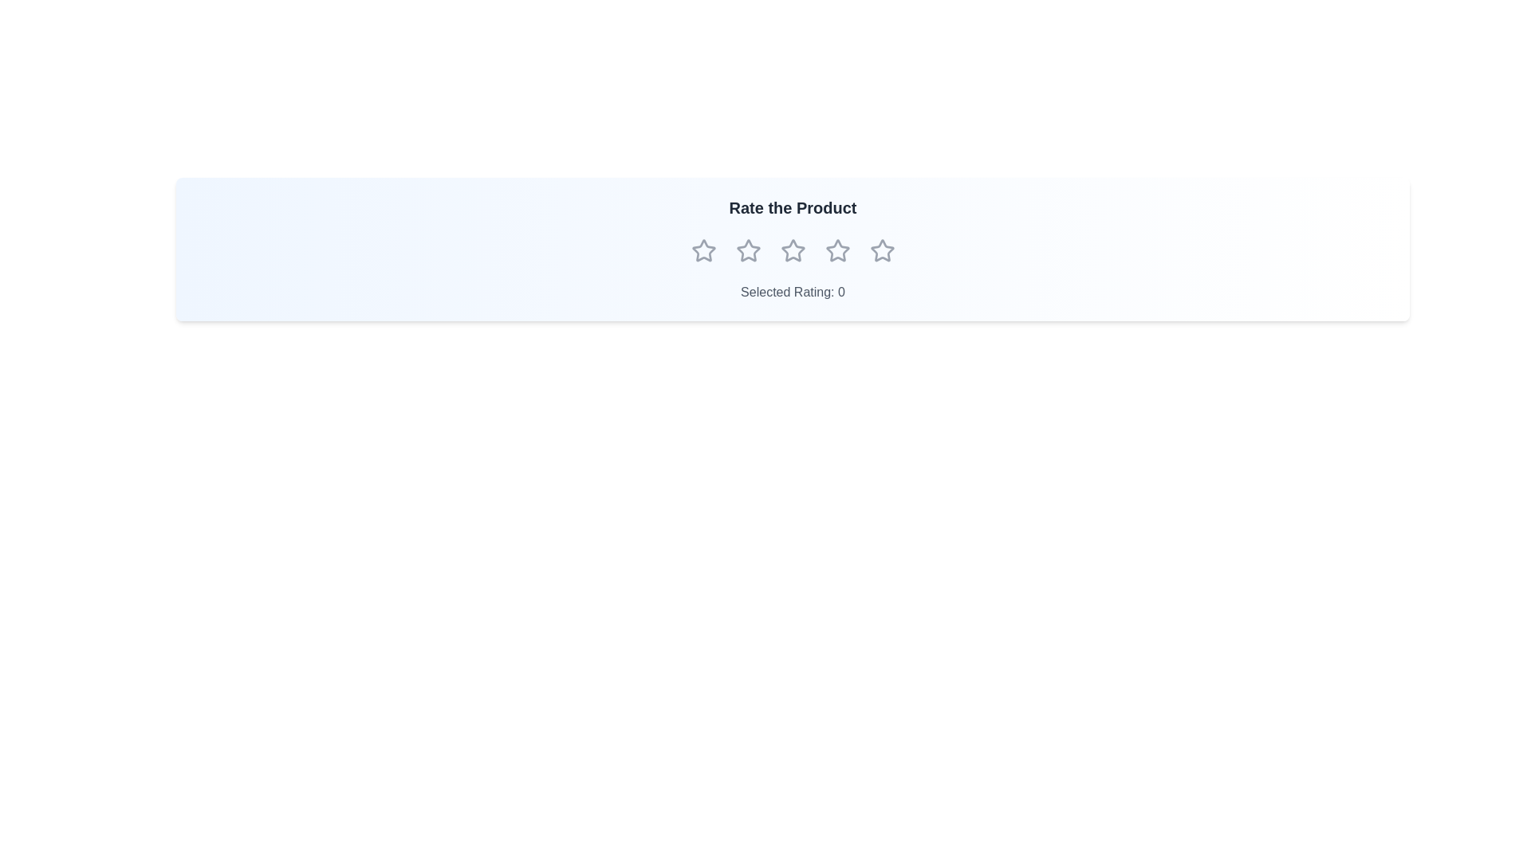 Image resolution: width=1531 pixels, height=861 pixels. What do you see at coordinates (793, 251) in the screenshot?
I see `the third star from the left in the horizontal row of five stars` at bounding box center [793, 251].